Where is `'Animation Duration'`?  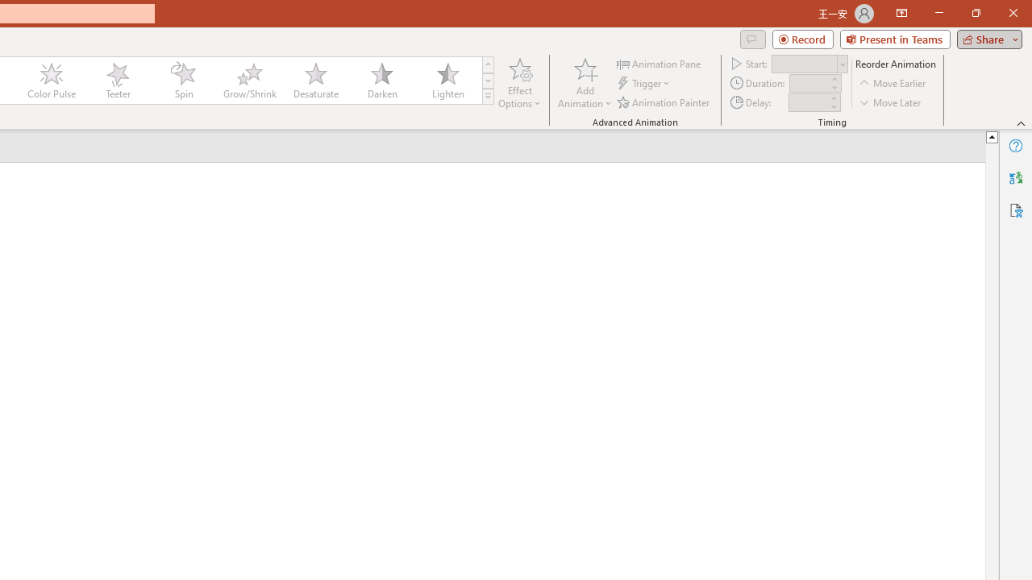
'Animation Duration' is located at coordinates (809, 83).